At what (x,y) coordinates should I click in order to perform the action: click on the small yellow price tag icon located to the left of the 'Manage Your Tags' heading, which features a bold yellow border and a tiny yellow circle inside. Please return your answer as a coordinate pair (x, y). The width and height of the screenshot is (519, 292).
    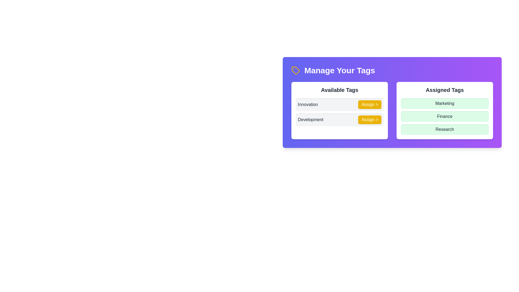
    Looking at the image, I should click on (295, 70).